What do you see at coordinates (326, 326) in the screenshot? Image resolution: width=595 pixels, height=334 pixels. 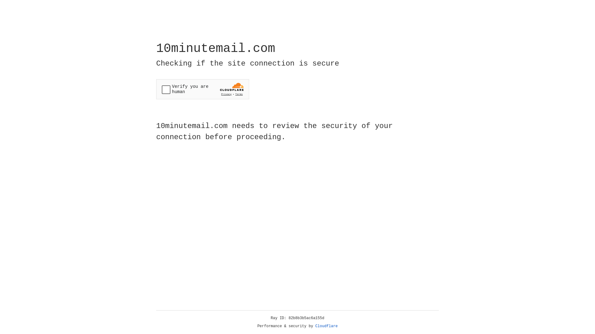 I see `'Cloudflare'` at bounding box center [326, 326].